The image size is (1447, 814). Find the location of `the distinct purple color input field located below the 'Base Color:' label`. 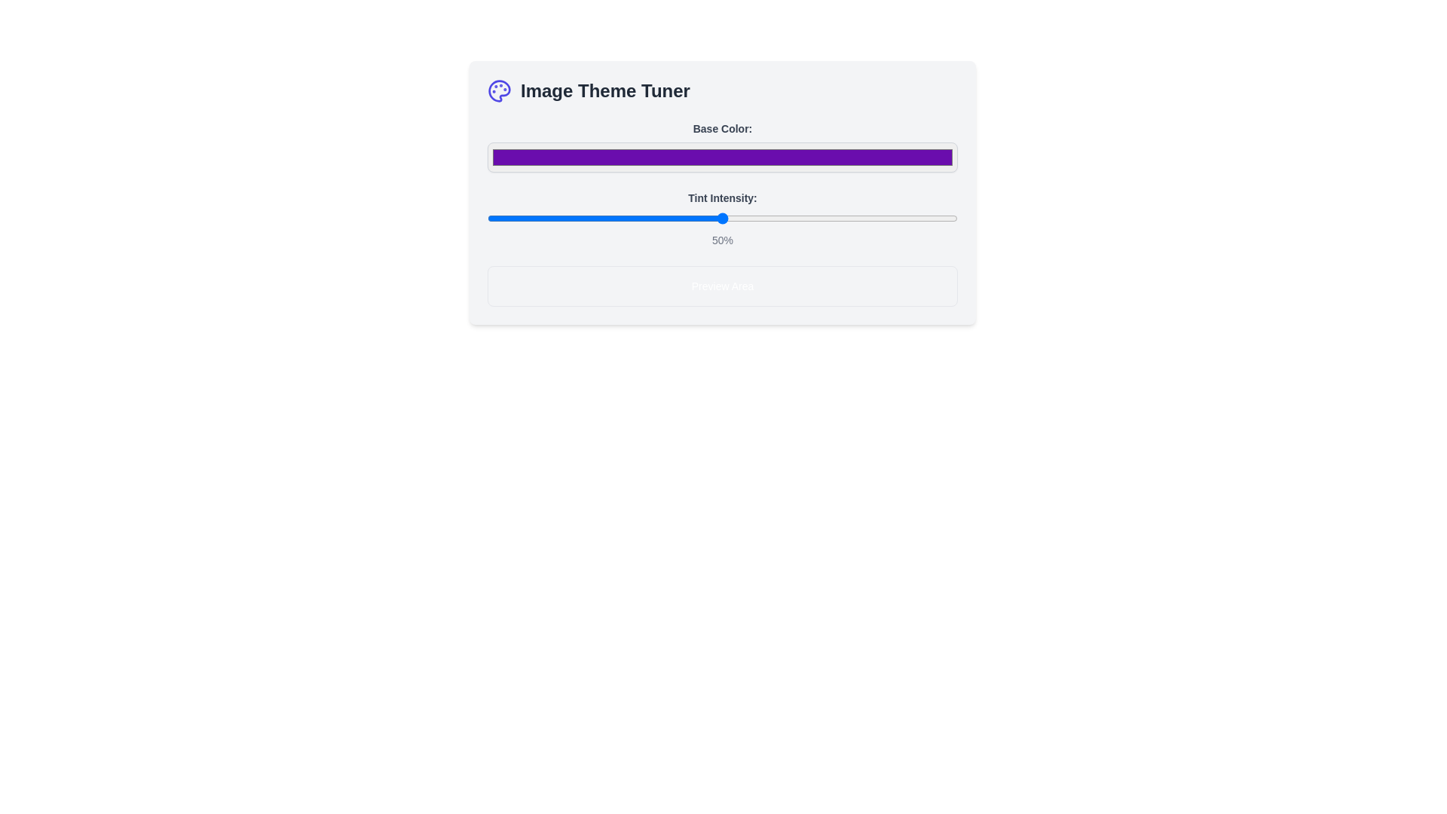

the distinct purple color input field located below the 'Base Color:' label is located at coordinates (722, 157).